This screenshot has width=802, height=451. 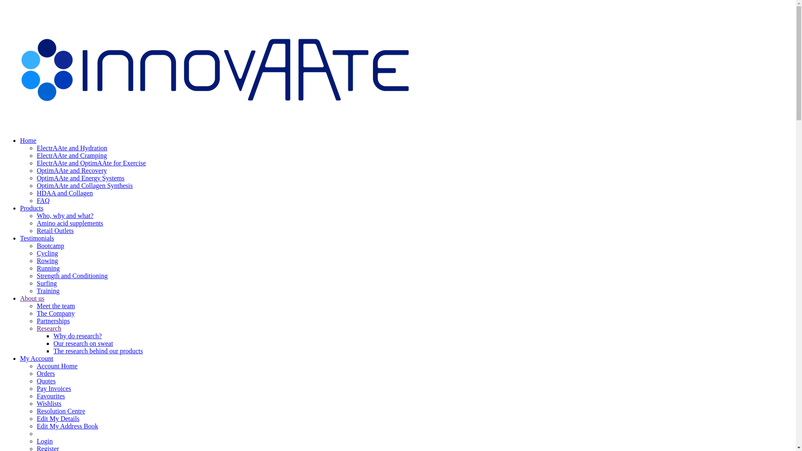 What do you see at coordinates (56, 306) in the screenshot?
I see `'Meet the team'` at bounding box center [56, 306].